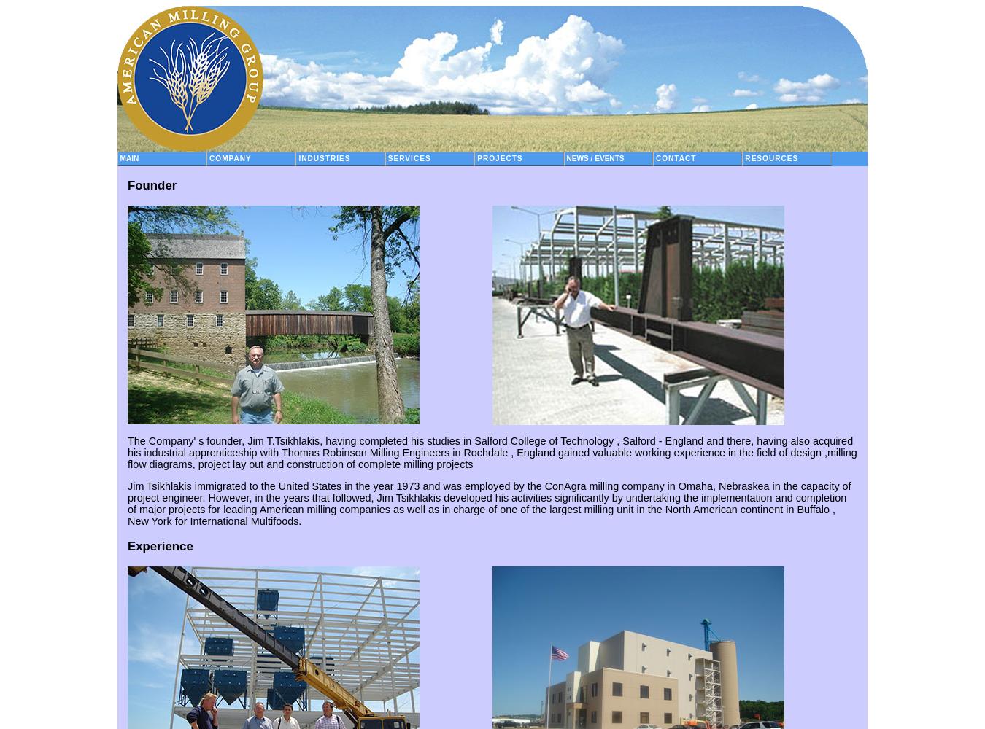 Image resolution: width=985 pixels, height=729 pixels. Describe the element at coordinates (160, 545) in the screenshot. I see `'Experience'` at that location.